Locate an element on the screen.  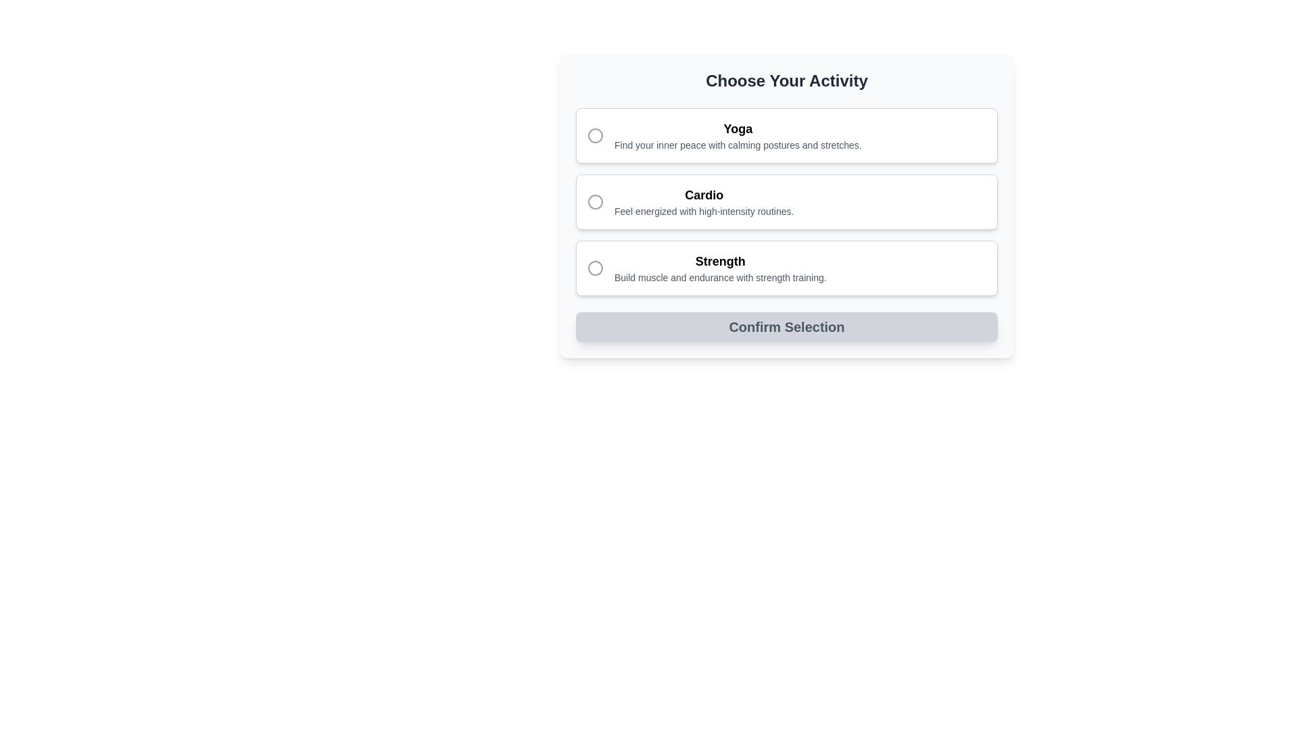
the 'Strength' activity selectable card, which is the third card in the vertical list is located at coordinates (786, 268).